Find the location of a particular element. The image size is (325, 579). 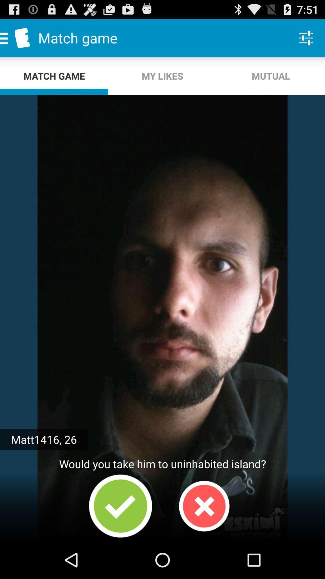

the my likes is located at coordinates (162, 76).